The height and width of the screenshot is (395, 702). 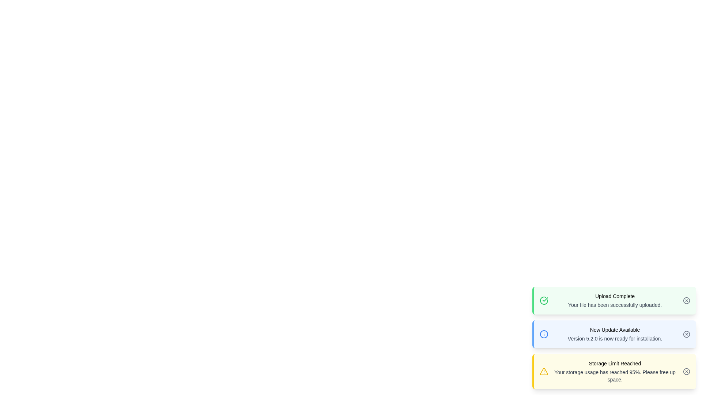 What do you see at coordinates (544, 300) in the screenshot?
I see `the circular green check mark icon in the 'Upload Complete' notification card, indicating a successful operation` at bounding box center [544, 300].